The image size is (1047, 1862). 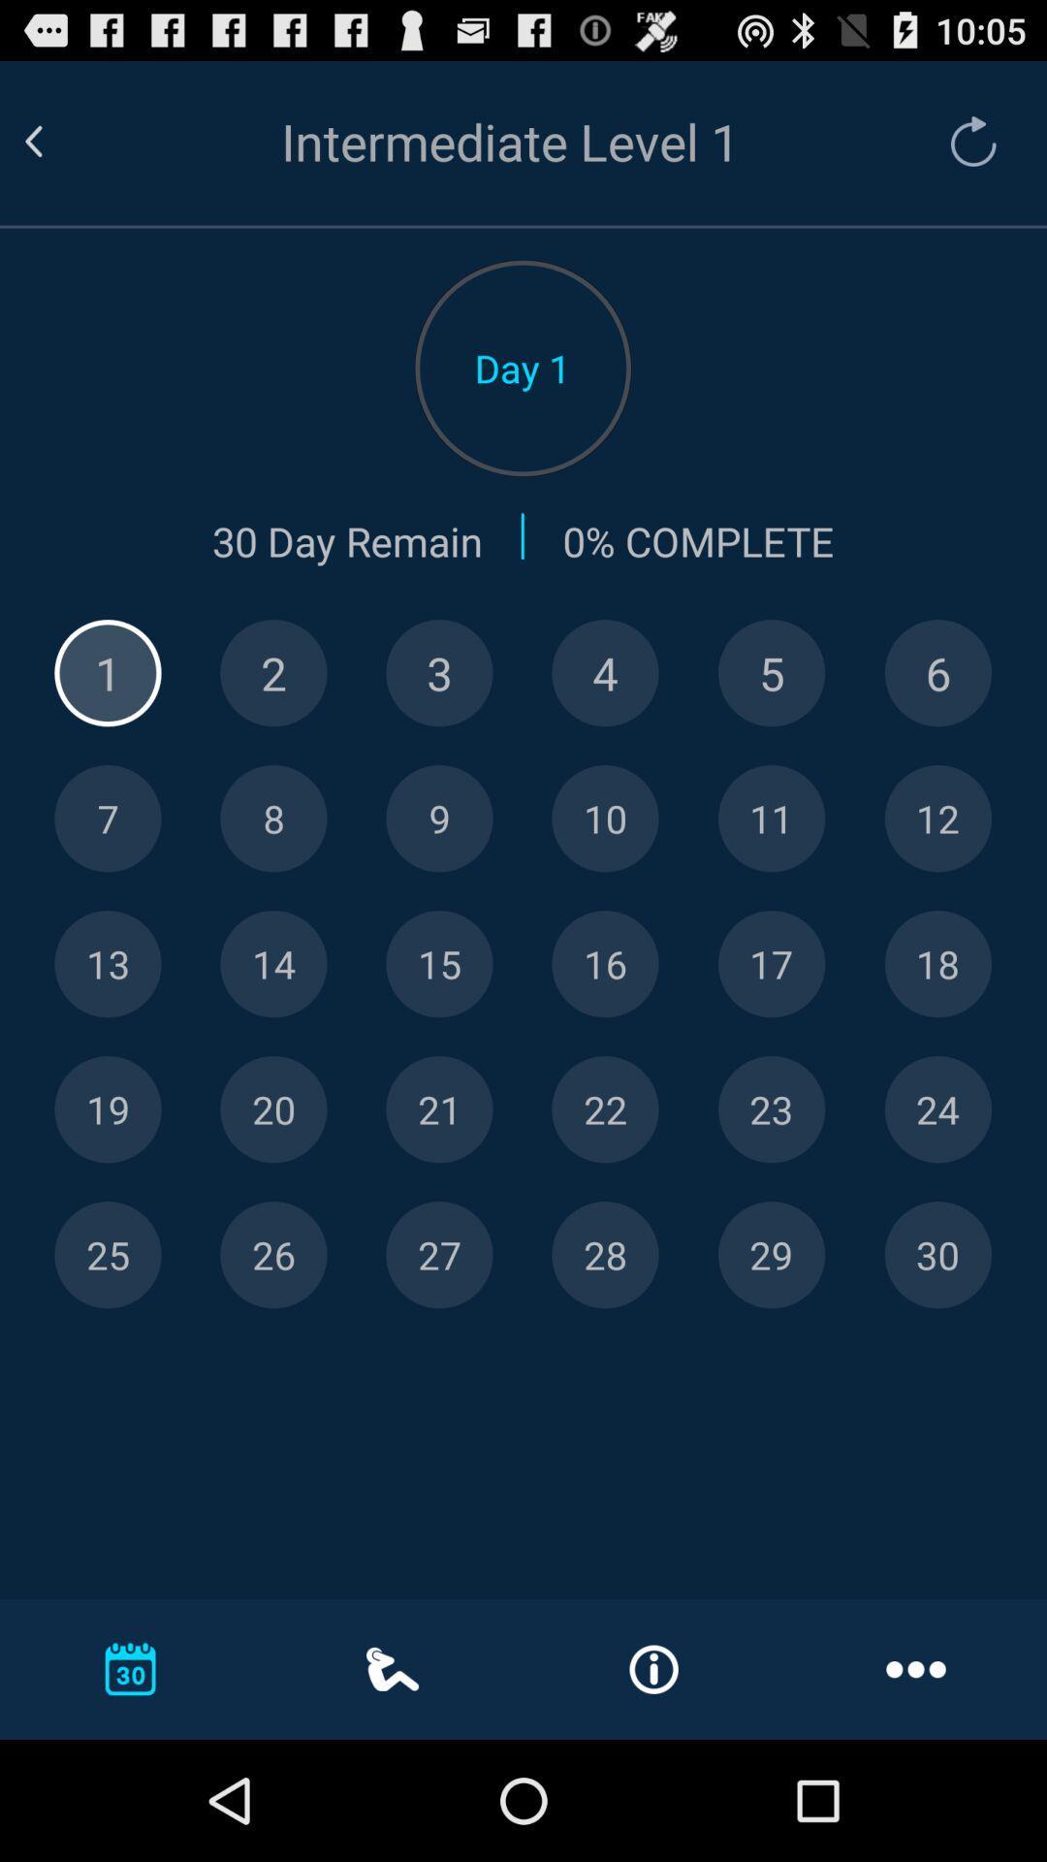 What do you see at coordinates (604, 673) in the screenshot?
I see `date` at bounding box center [604, 673].